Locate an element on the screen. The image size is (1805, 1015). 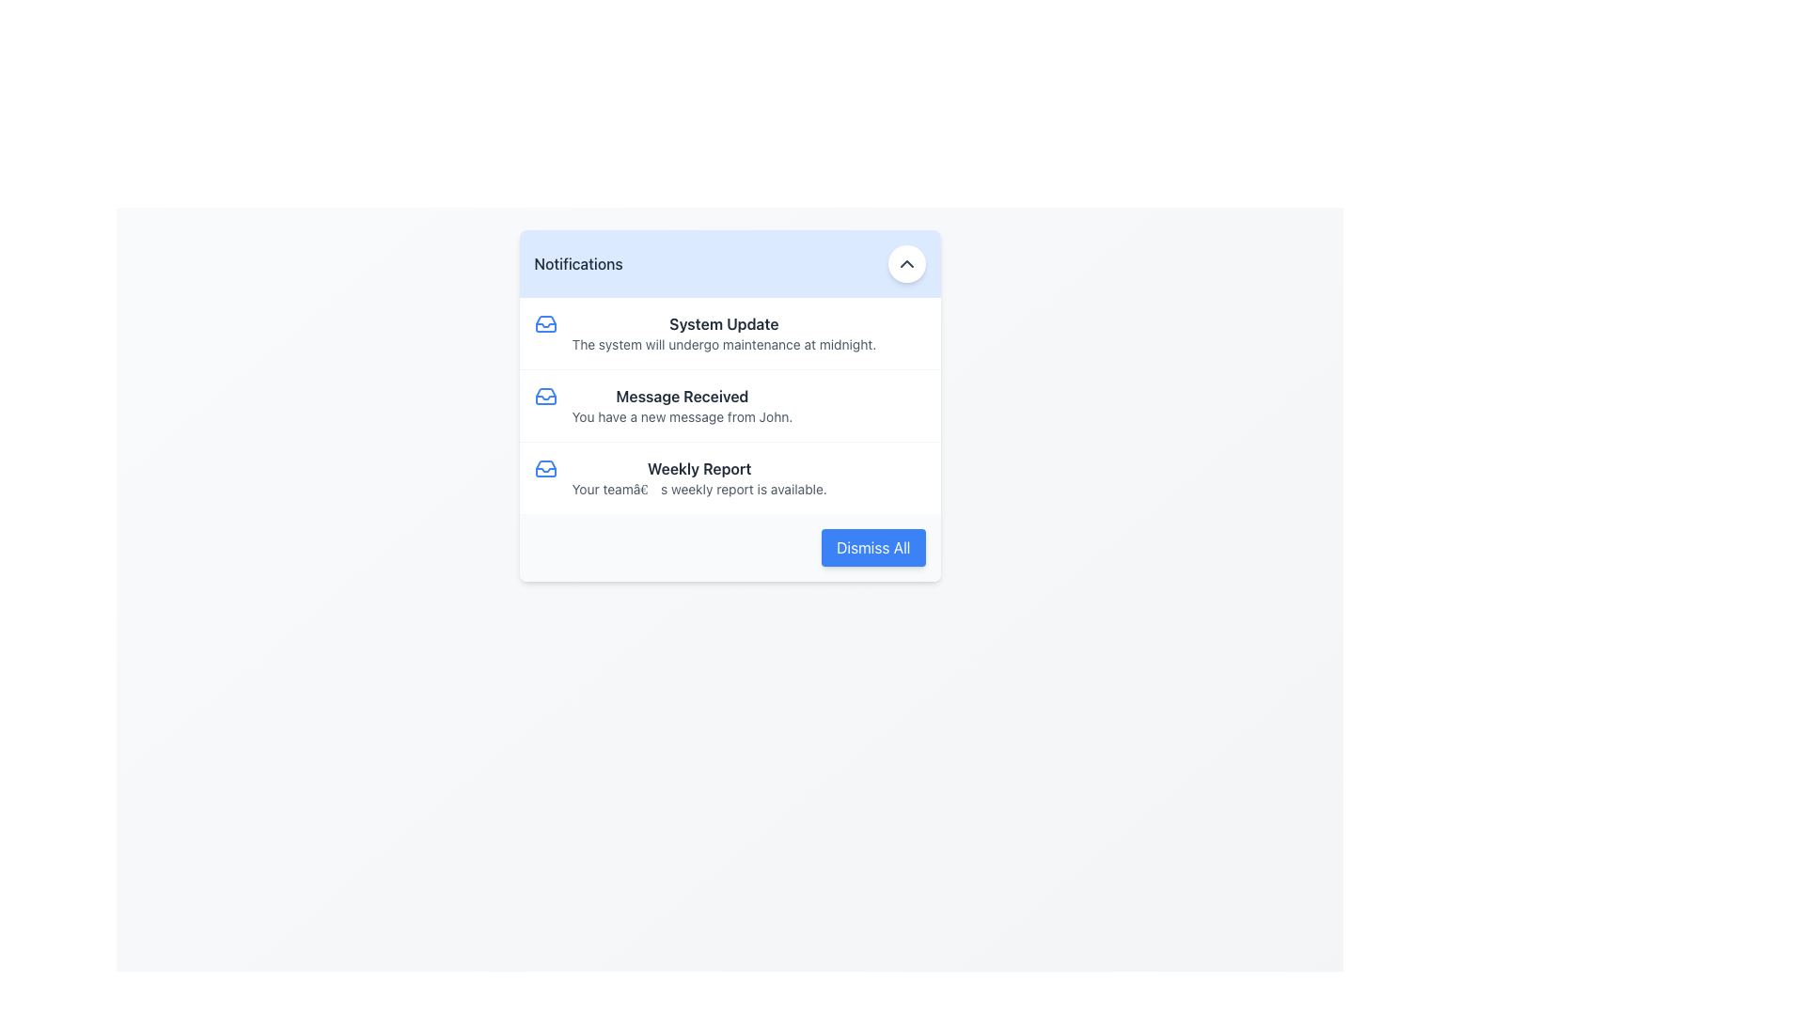
the SVG icon representing the inbox for the 'Weekly Report' notification, which is located in the third row of the notifications dialog box is located at coordinates (544, 467).